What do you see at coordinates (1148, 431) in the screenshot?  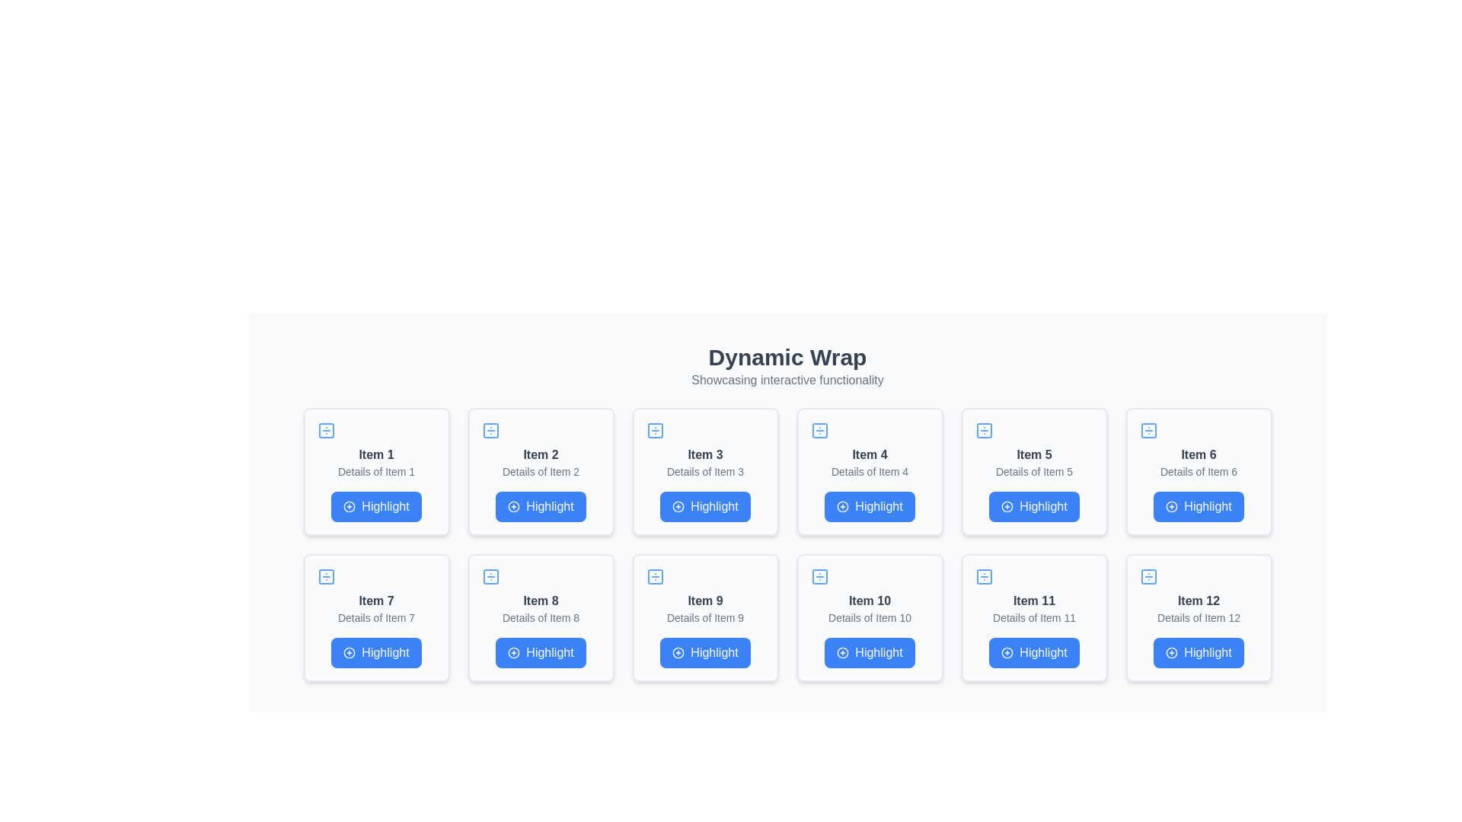 I see `the blue division icon located at the top-right corner of the 'Item 6' box` at bounding box center [1148, 431].